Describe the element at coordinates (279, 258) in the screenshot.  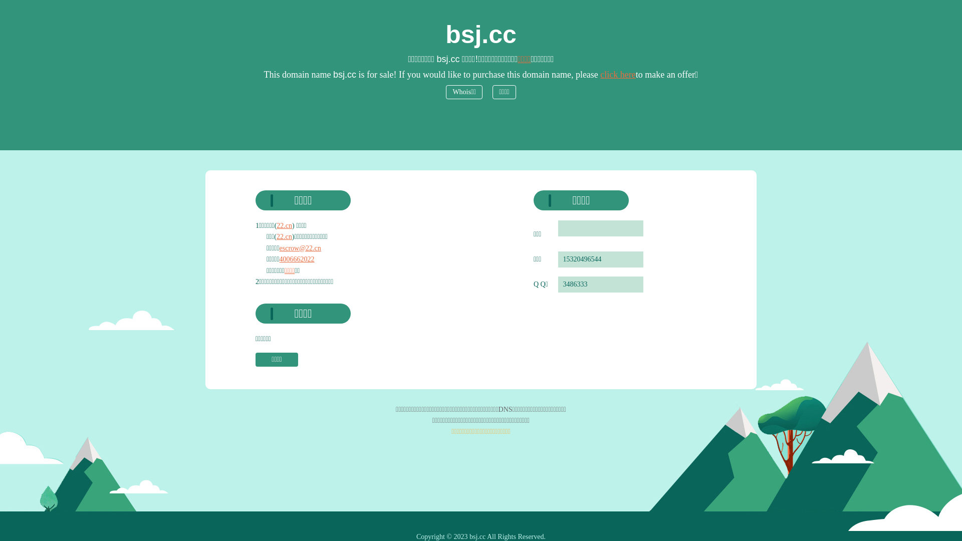
I see `'4006662022'` at that location.